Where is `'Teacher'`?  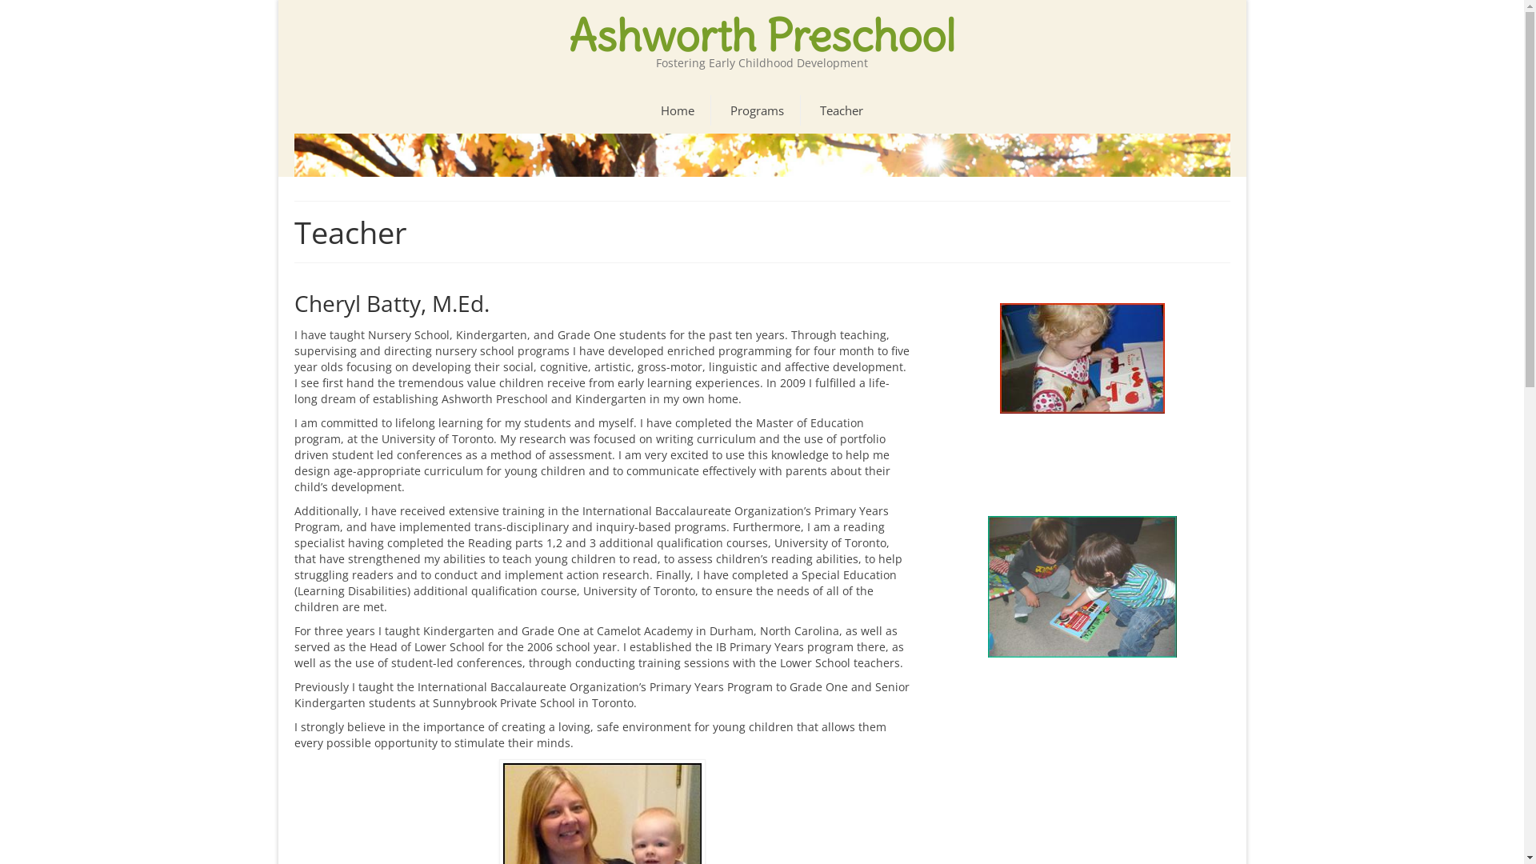 'Teacher' is located at coordinates (840, 110).